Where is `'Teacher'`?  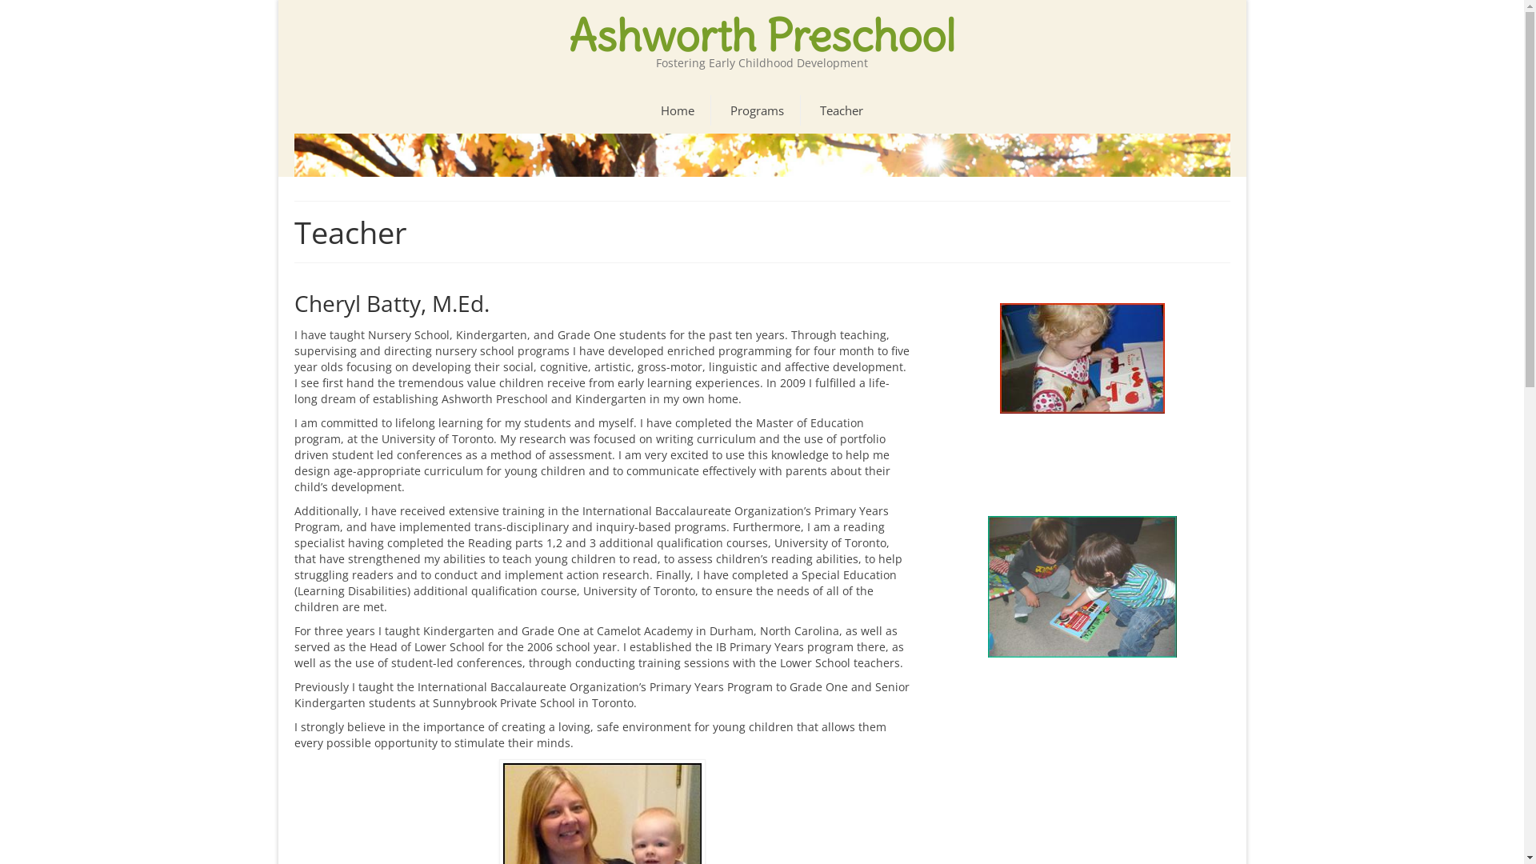 'Teacher' is located at coordinates (840, 110).